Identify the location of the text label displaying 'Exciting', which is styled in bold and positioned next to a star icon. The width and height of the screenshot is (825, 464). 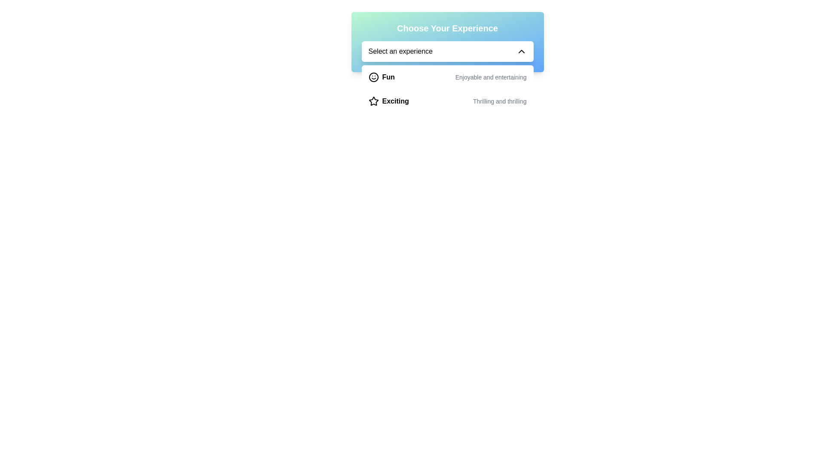
(395, 101).